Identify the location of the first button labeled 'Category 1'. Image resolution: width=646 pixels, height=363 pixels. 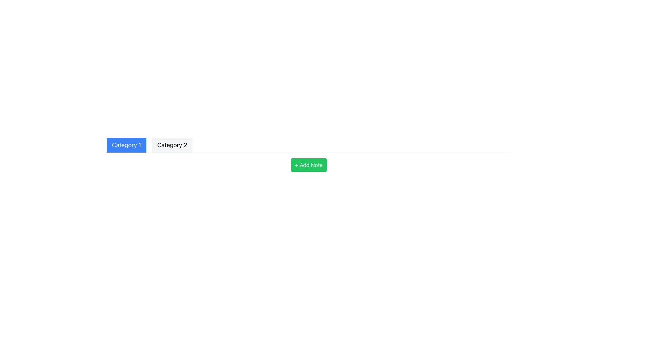
(127, 145).